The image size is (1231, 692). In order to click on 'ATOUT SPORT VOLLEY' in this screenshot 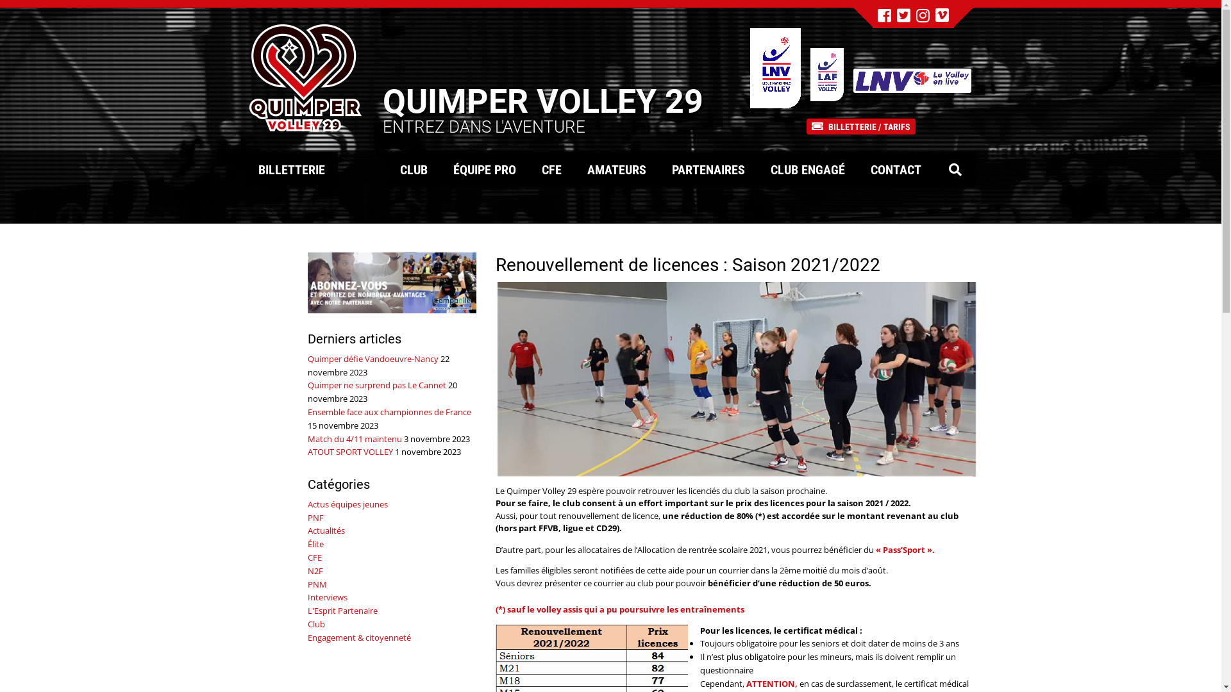, I will do `click(308, 451)`.